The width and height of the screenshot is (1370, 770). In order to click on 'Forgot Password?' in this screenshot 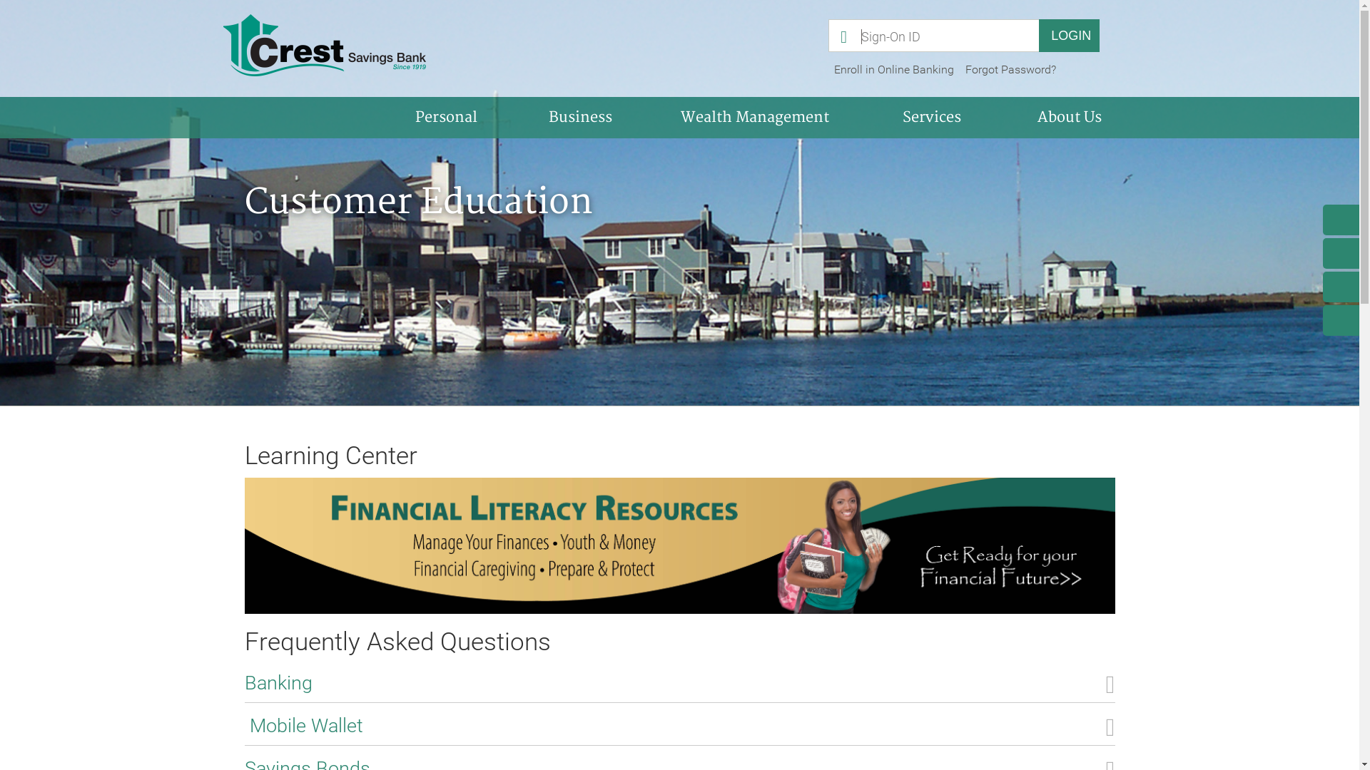, I will do `click(1010, 69)`.